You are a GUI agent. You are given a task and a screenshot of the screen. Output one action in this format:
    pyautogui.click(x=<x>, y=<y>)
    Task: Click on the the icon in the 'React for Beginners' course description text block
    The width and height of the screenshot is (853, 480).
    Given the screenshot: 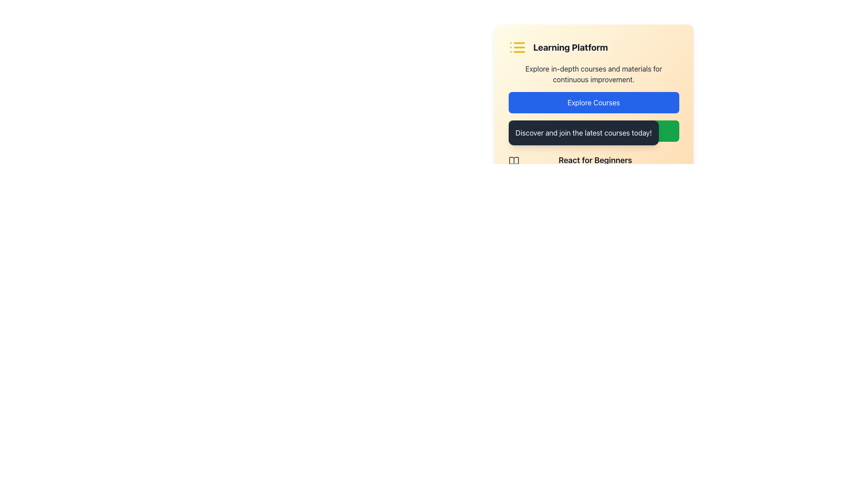 What is the action you would take?
    pyautogui.click(x=594, y=164)
    